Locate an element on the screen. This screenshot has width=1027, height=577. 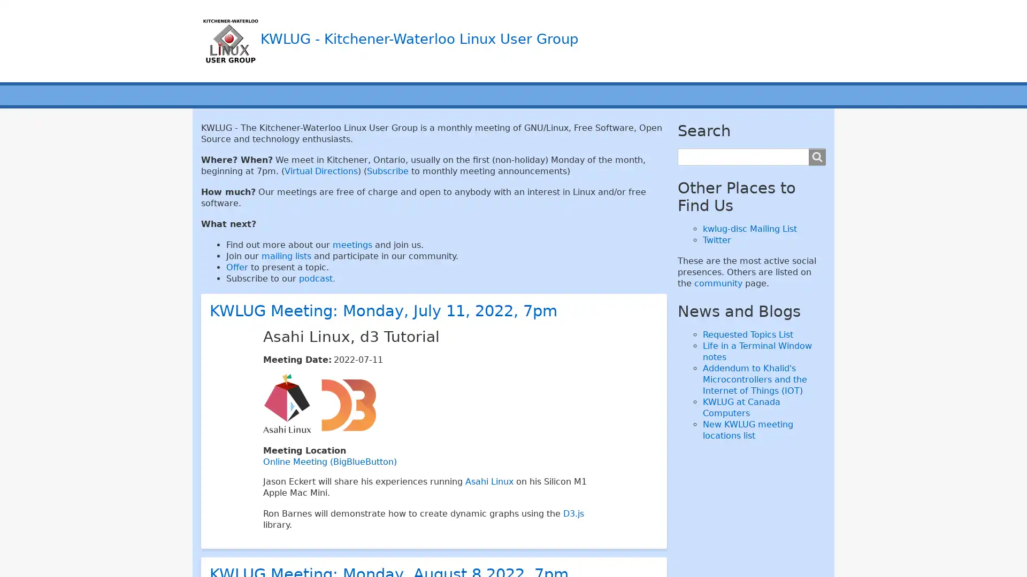
Search is located at coordinates (816, 157).